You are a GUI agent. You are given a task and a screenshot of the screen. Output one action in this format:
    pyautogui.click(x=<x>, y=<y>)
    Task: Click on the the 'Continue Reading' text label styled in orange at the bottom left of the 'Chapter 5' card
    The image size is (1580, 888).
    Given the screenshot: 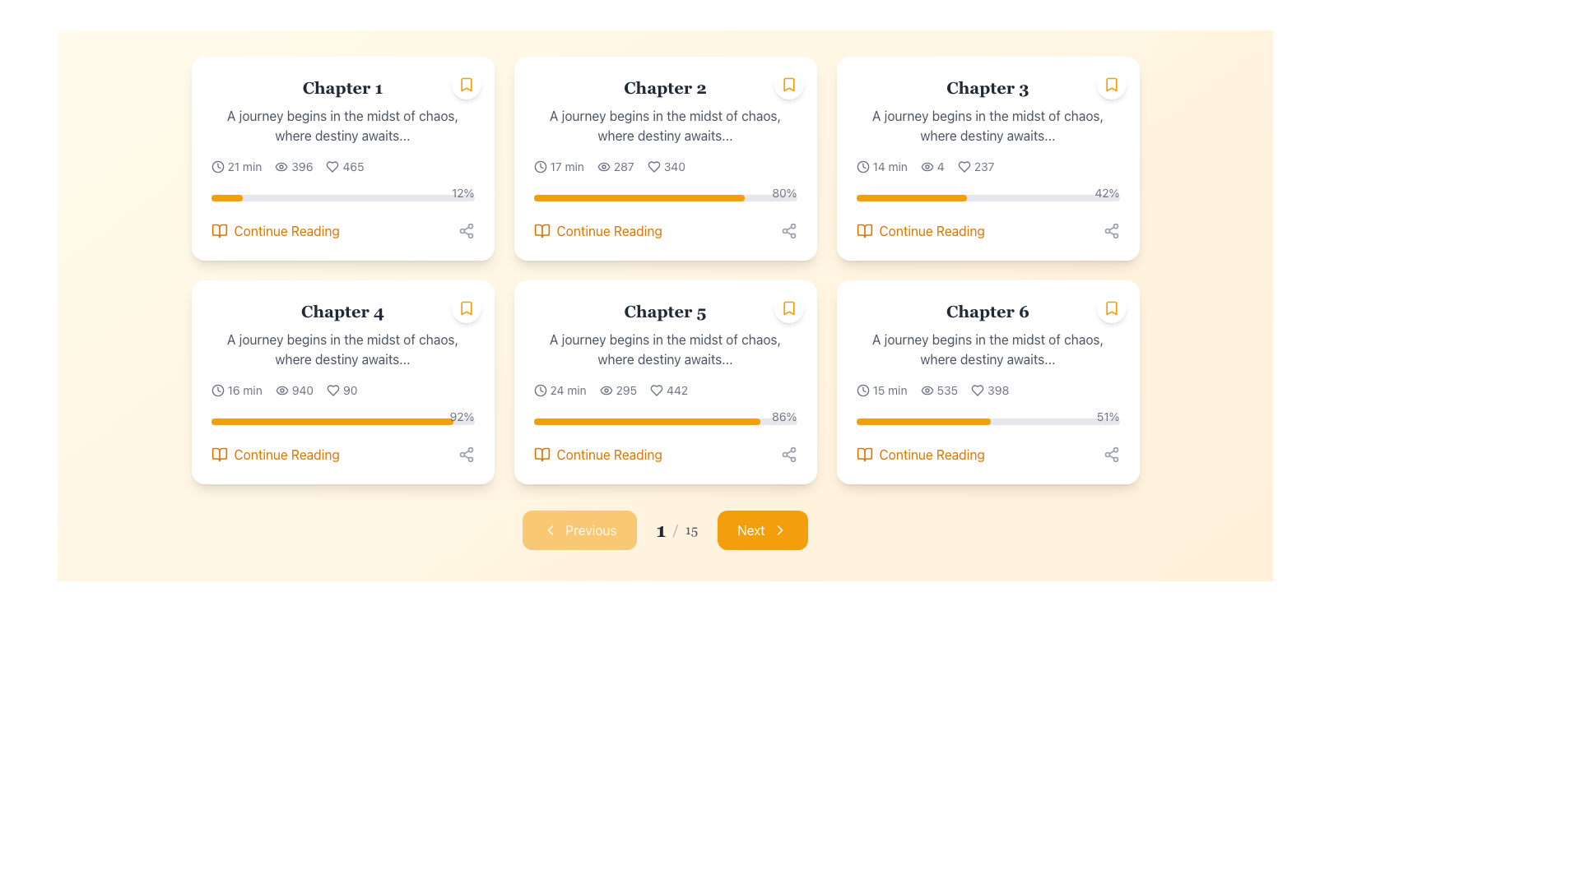 What is the action you would take?
    pyautogui.click(x=608, y=454)
    